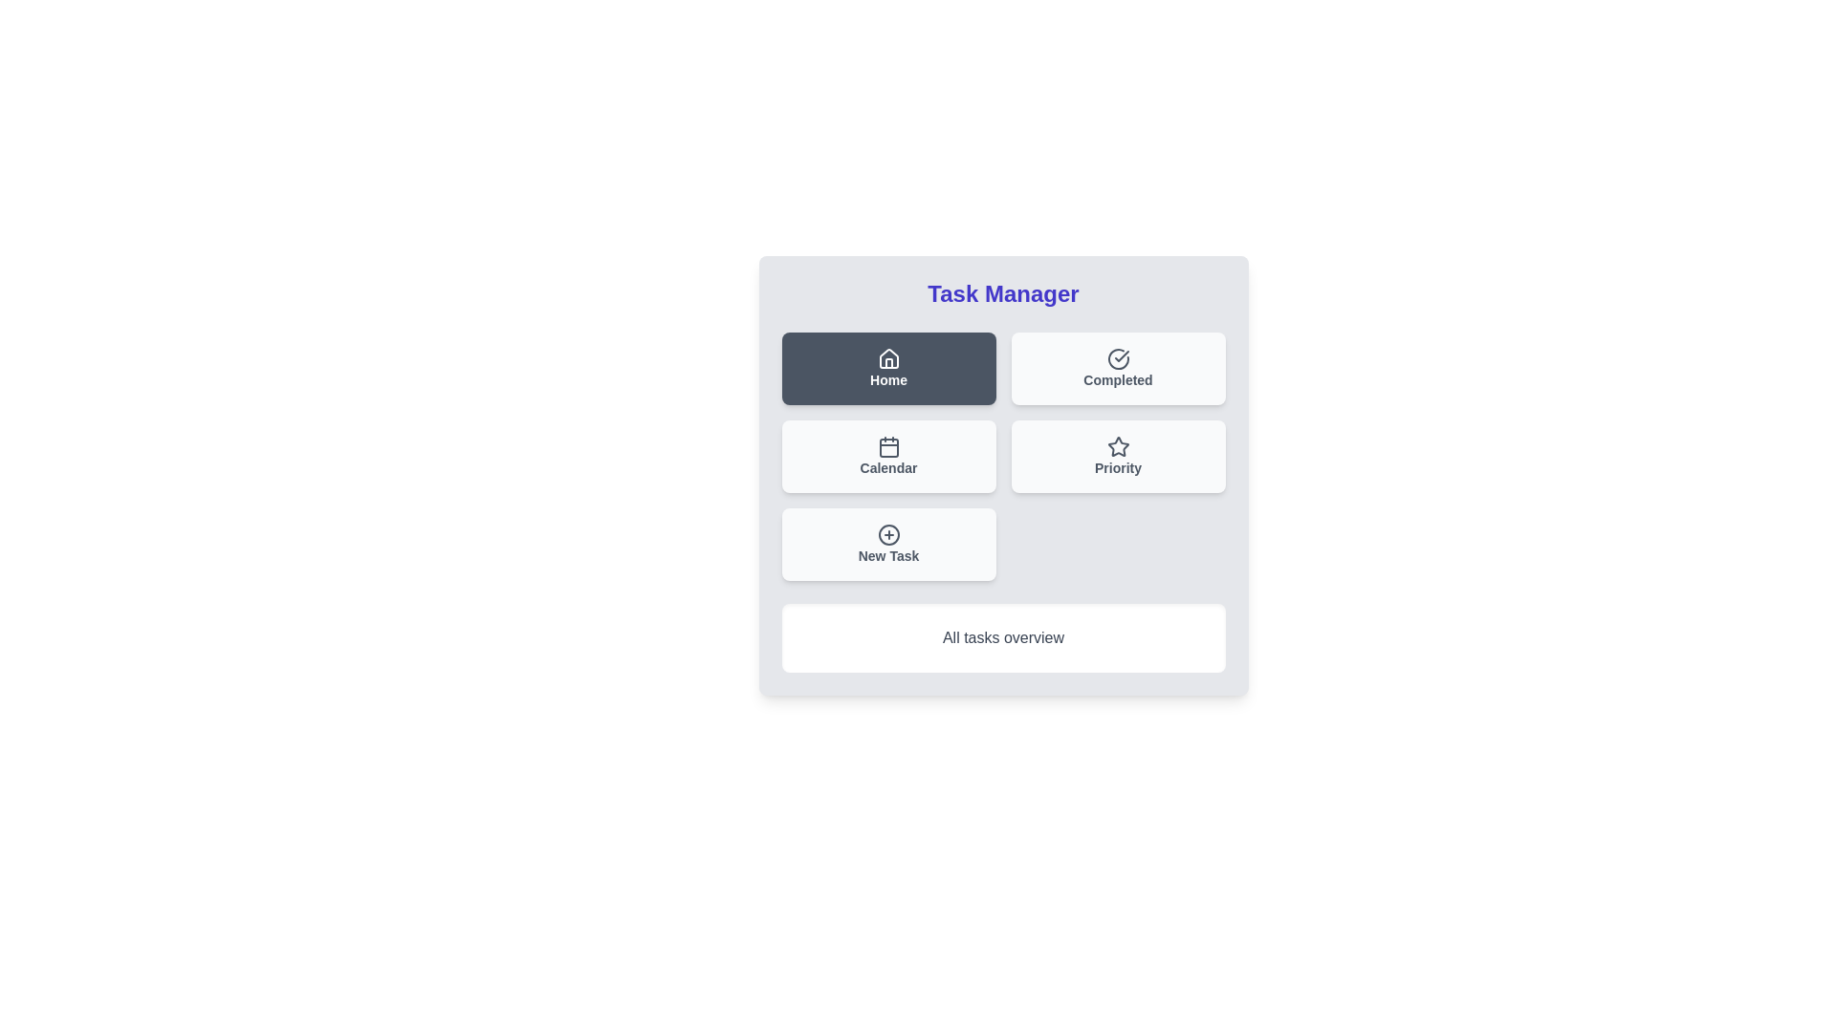  I want to click on the rectangular button with rounded corners that has a dark gray background and white 'Home' text below a house icon, located at the top-left corner of the button grid, so click(887, 368).